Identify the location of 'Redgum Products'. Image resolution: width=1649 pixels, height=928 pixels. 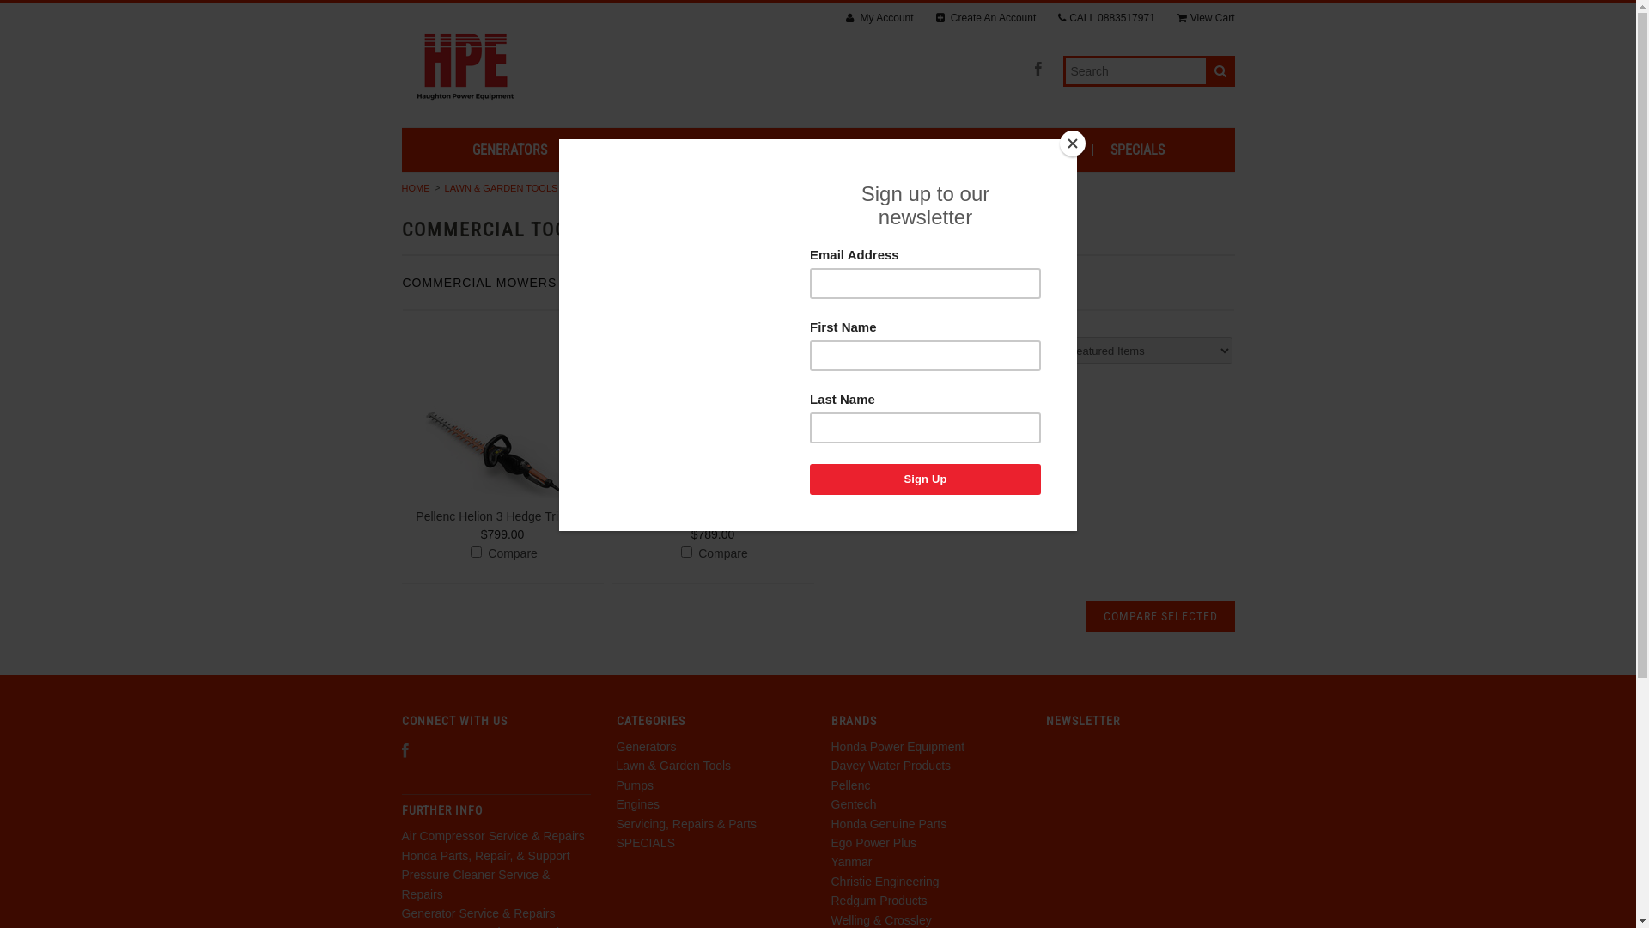
(879, 900).